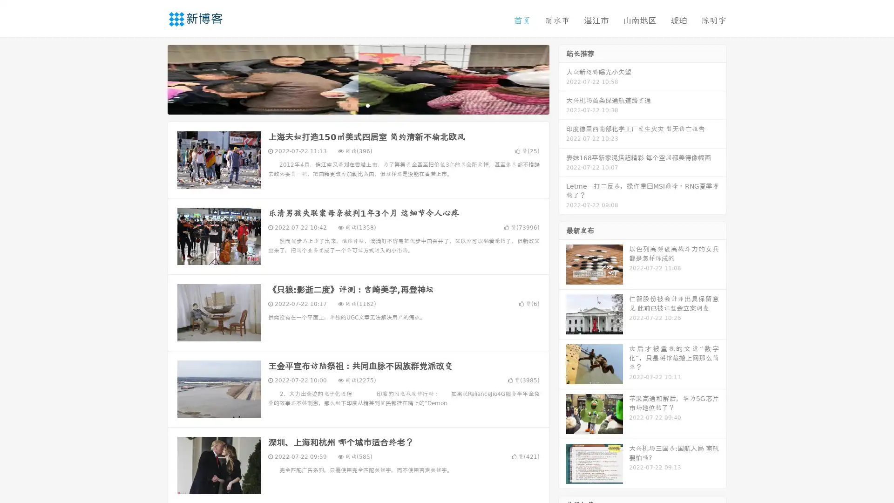 The width and height of the screenshot is (894, 503). Describe the element at coordinates (348, 105) in the screenshot. I see `Go to slide 1` at that location.